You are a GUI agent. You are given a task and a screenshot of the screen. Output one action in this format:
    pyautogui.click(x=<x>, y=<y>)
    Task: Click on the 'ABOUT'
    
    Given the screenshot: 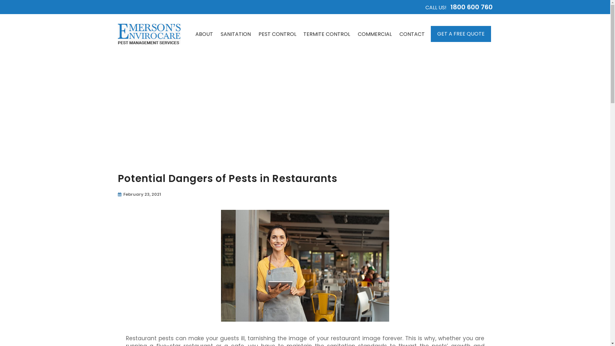 What is the action you would take?
    pyautogui.click(x=204, y=34)
    